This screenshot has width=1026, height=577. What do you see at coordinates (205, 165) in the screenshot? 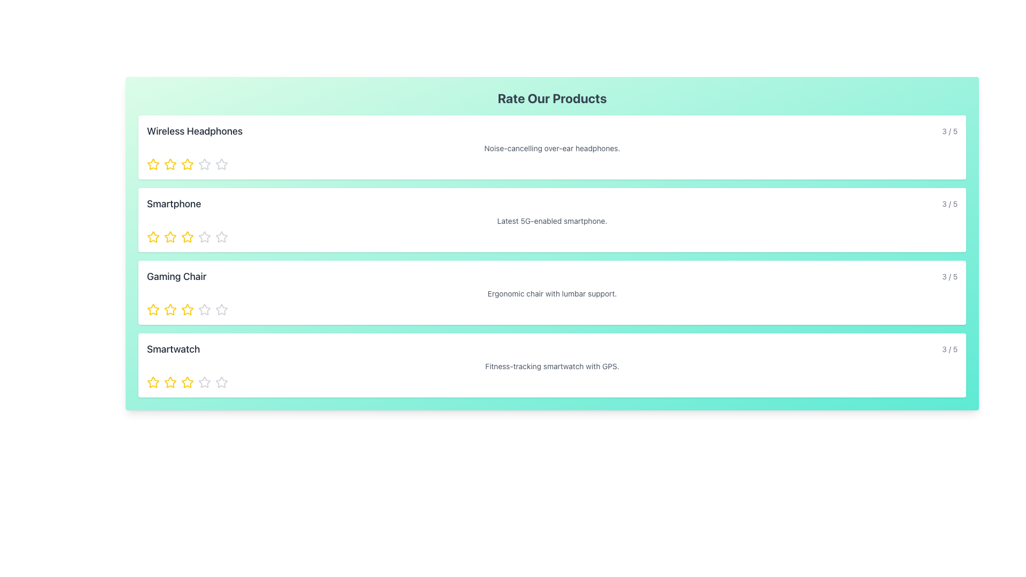
I see `the fifth star icon in the rating bar` at bounding box center [205, 165].